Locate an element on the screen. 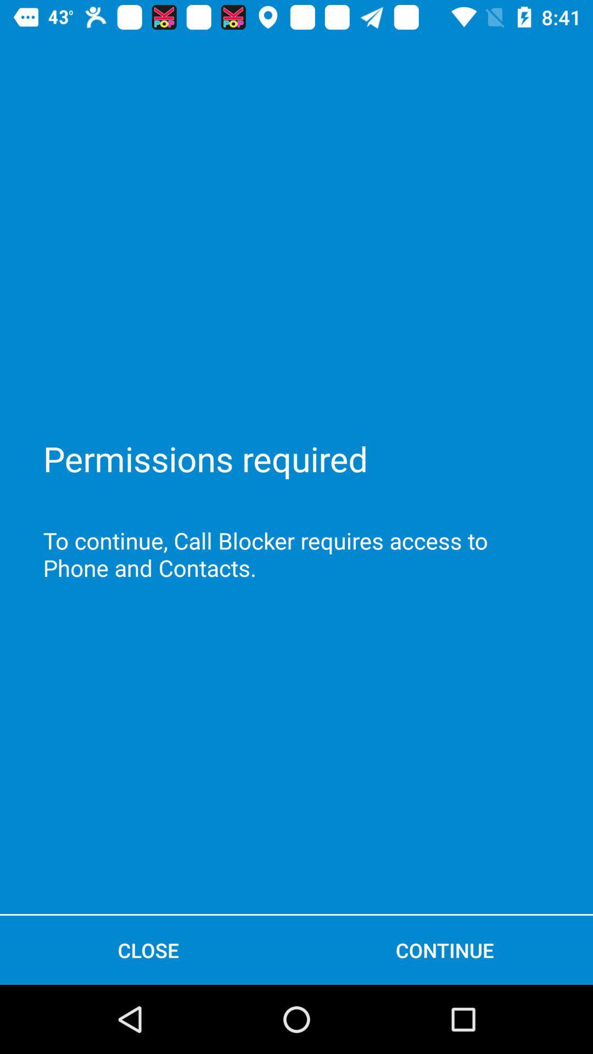  close is located at coordinates (148, 950).